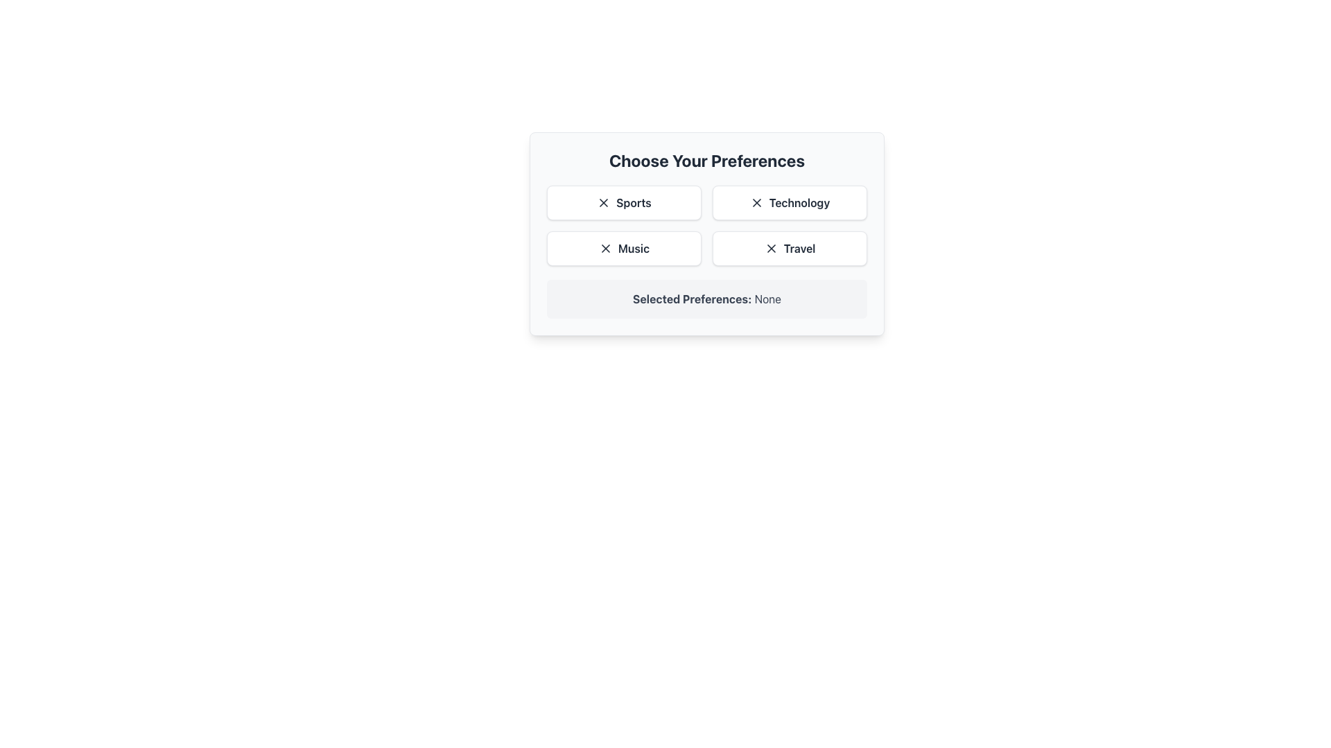 The image size is (1331, 748). Describe the element at coordinates (790, 247) in the screenshot. I see `the 'Travel' button located in the bottom-right cell of the grid layout` at that location.